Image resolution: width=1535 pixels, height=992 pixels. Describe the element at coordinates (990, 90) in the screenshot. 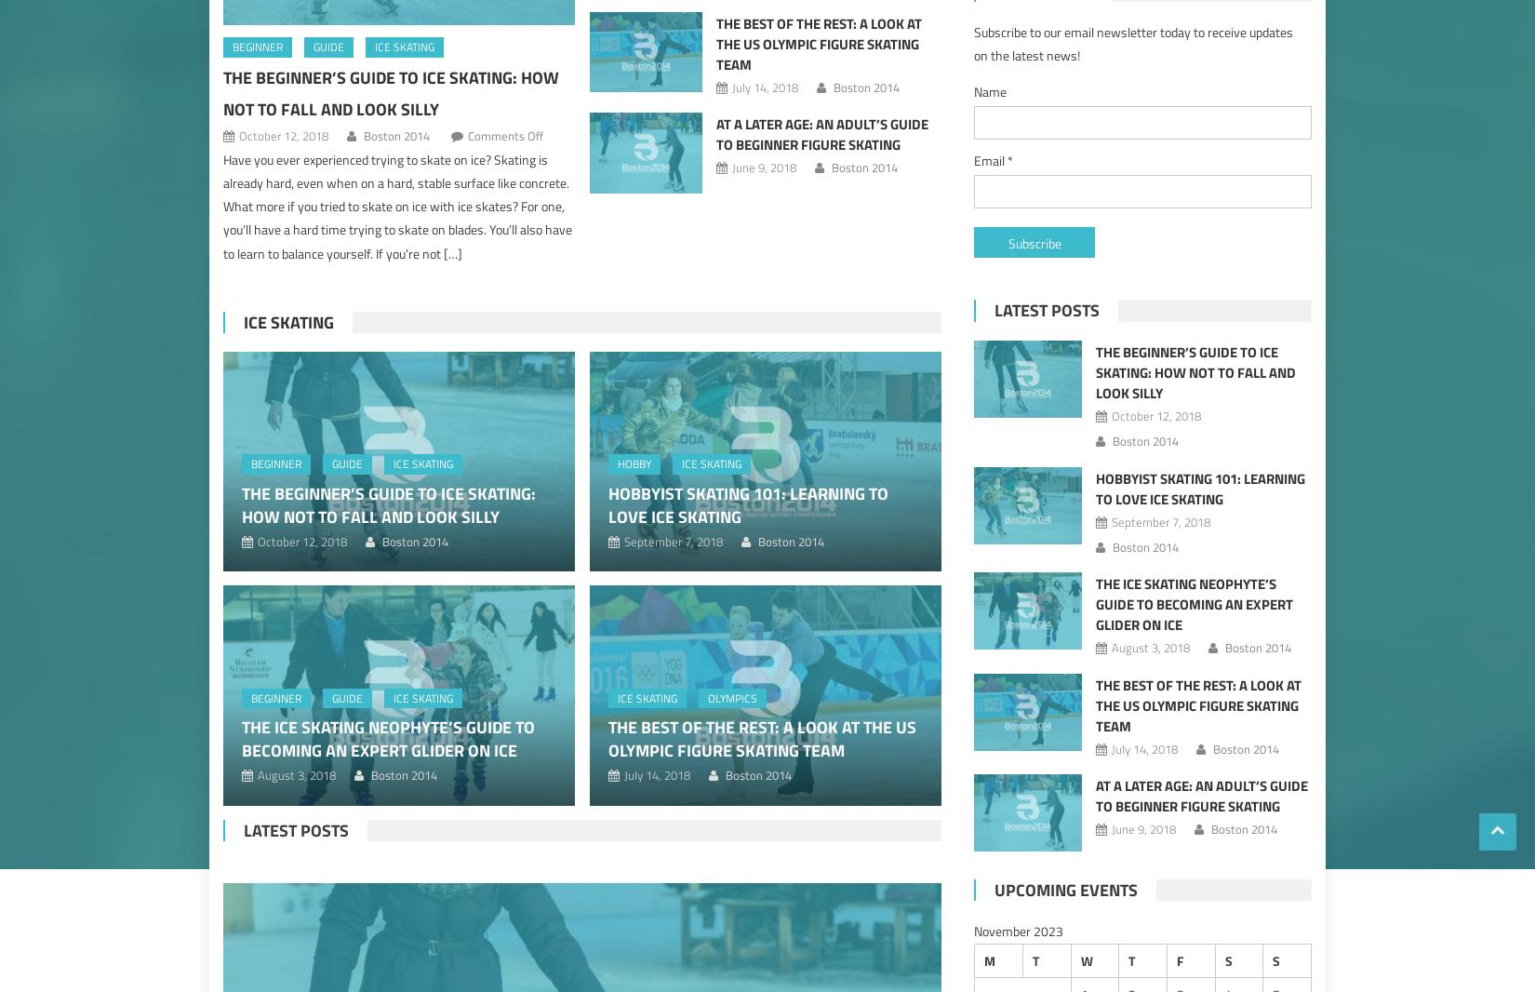

I see `'Name'` at that location.